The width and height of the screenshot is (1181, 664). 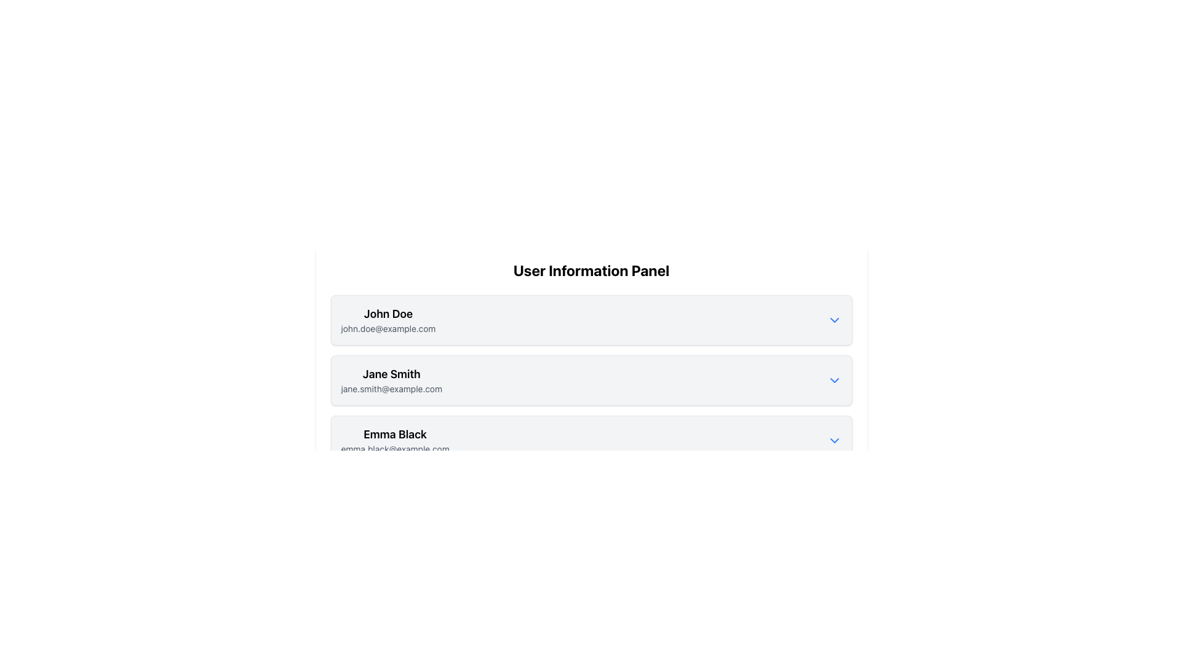 I want to click on the small blue downward-pointing chevron icon button located at the rightmost side of the row containing 'Emma Black' and her email address, so click(x=834, y=440).